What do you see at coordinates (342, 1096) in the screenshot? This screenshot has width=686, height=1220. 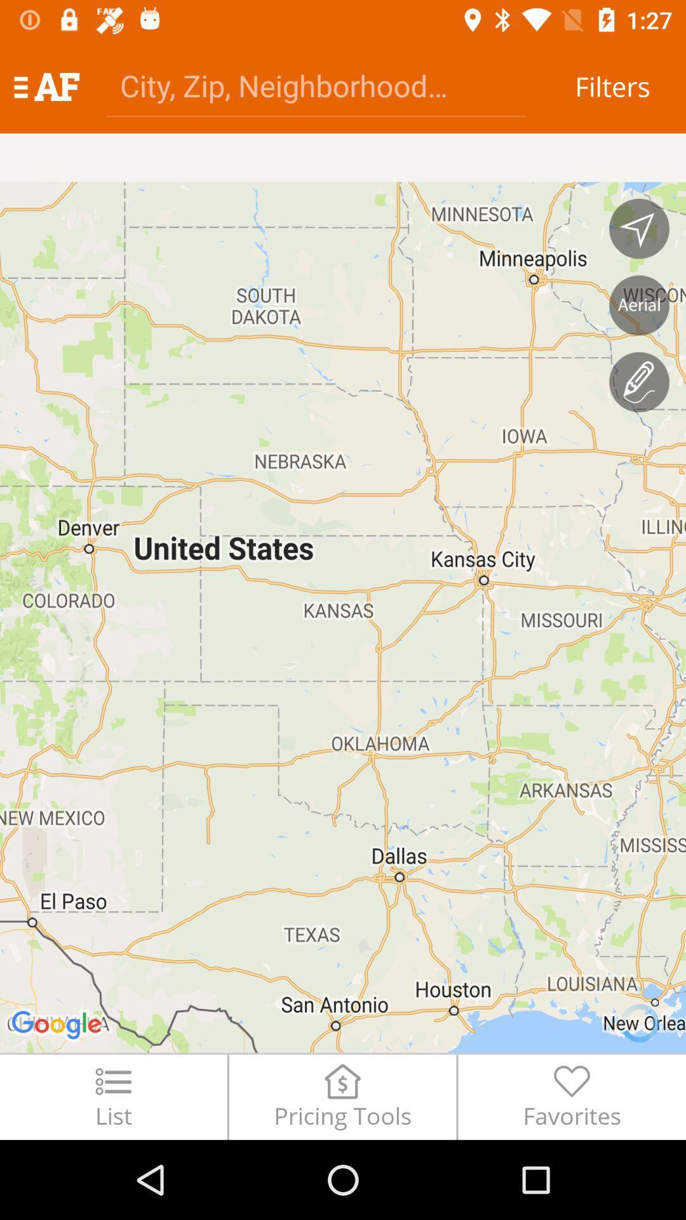 I see `the pricing tools item` at bounding box center [342, 1096].